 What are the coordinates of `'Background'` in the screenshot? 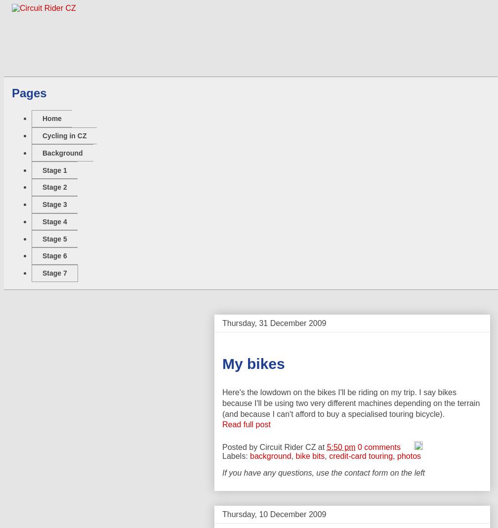 It's located at (62, 152).